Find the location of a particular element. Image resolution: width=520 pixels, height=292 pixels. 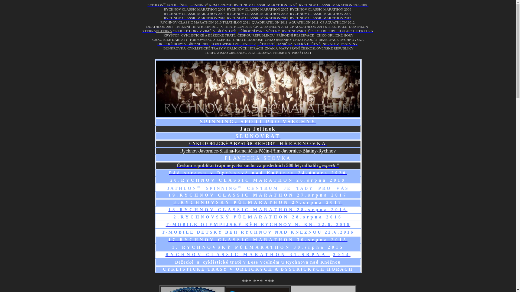

'RYCHNOV CLASSIC MARATHON 2006' is located at coordinates (320, 9).